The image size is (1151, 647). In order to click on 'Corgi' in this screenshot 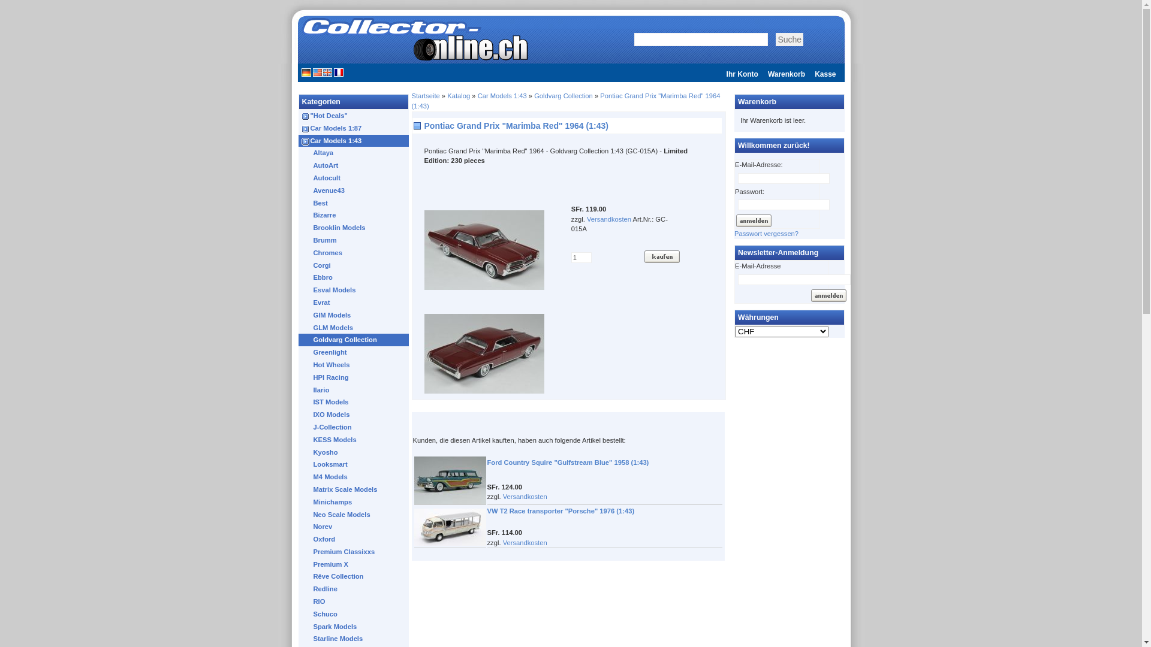, I will do `click(355, 265)`.